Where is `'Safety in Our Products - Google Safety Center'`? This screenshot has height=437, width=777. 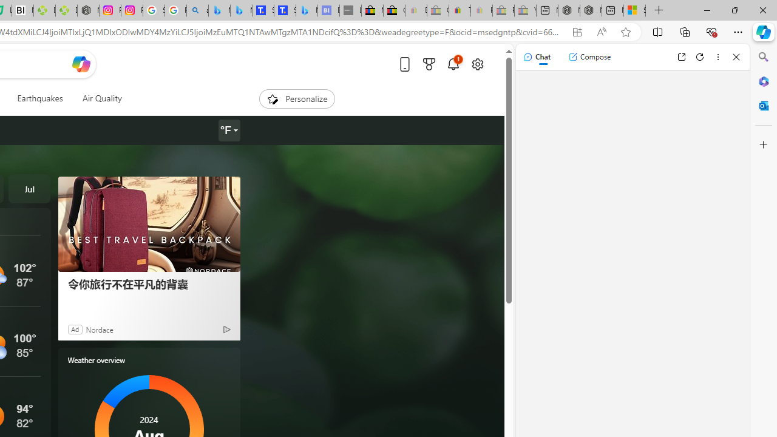 'Safety in Our Products - Google Safety Center' is located at coordinates (153, 10).